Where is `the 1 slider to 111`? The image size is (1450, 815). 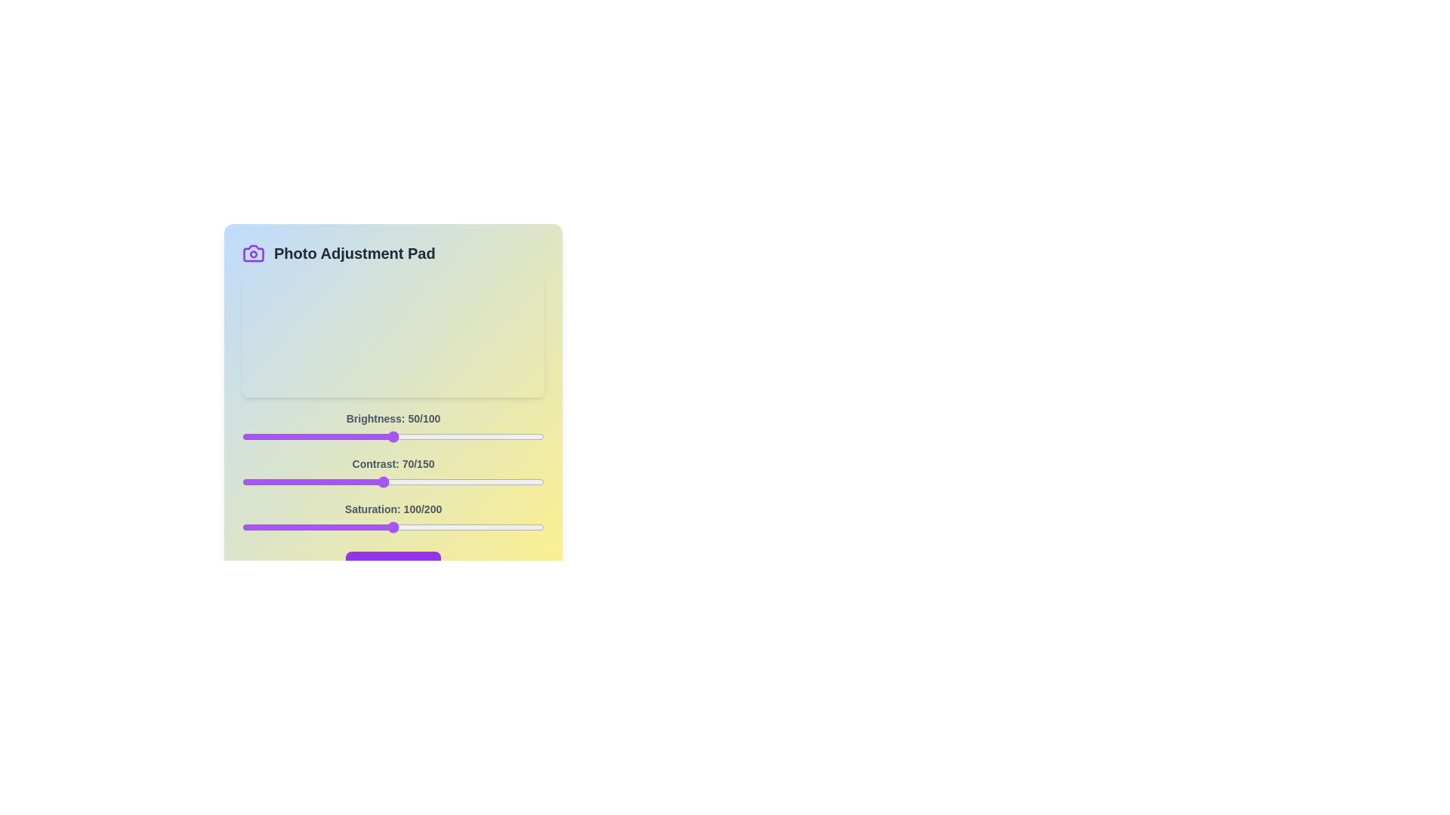
the 1 slider to 111 is located at coordinates (465, 482).